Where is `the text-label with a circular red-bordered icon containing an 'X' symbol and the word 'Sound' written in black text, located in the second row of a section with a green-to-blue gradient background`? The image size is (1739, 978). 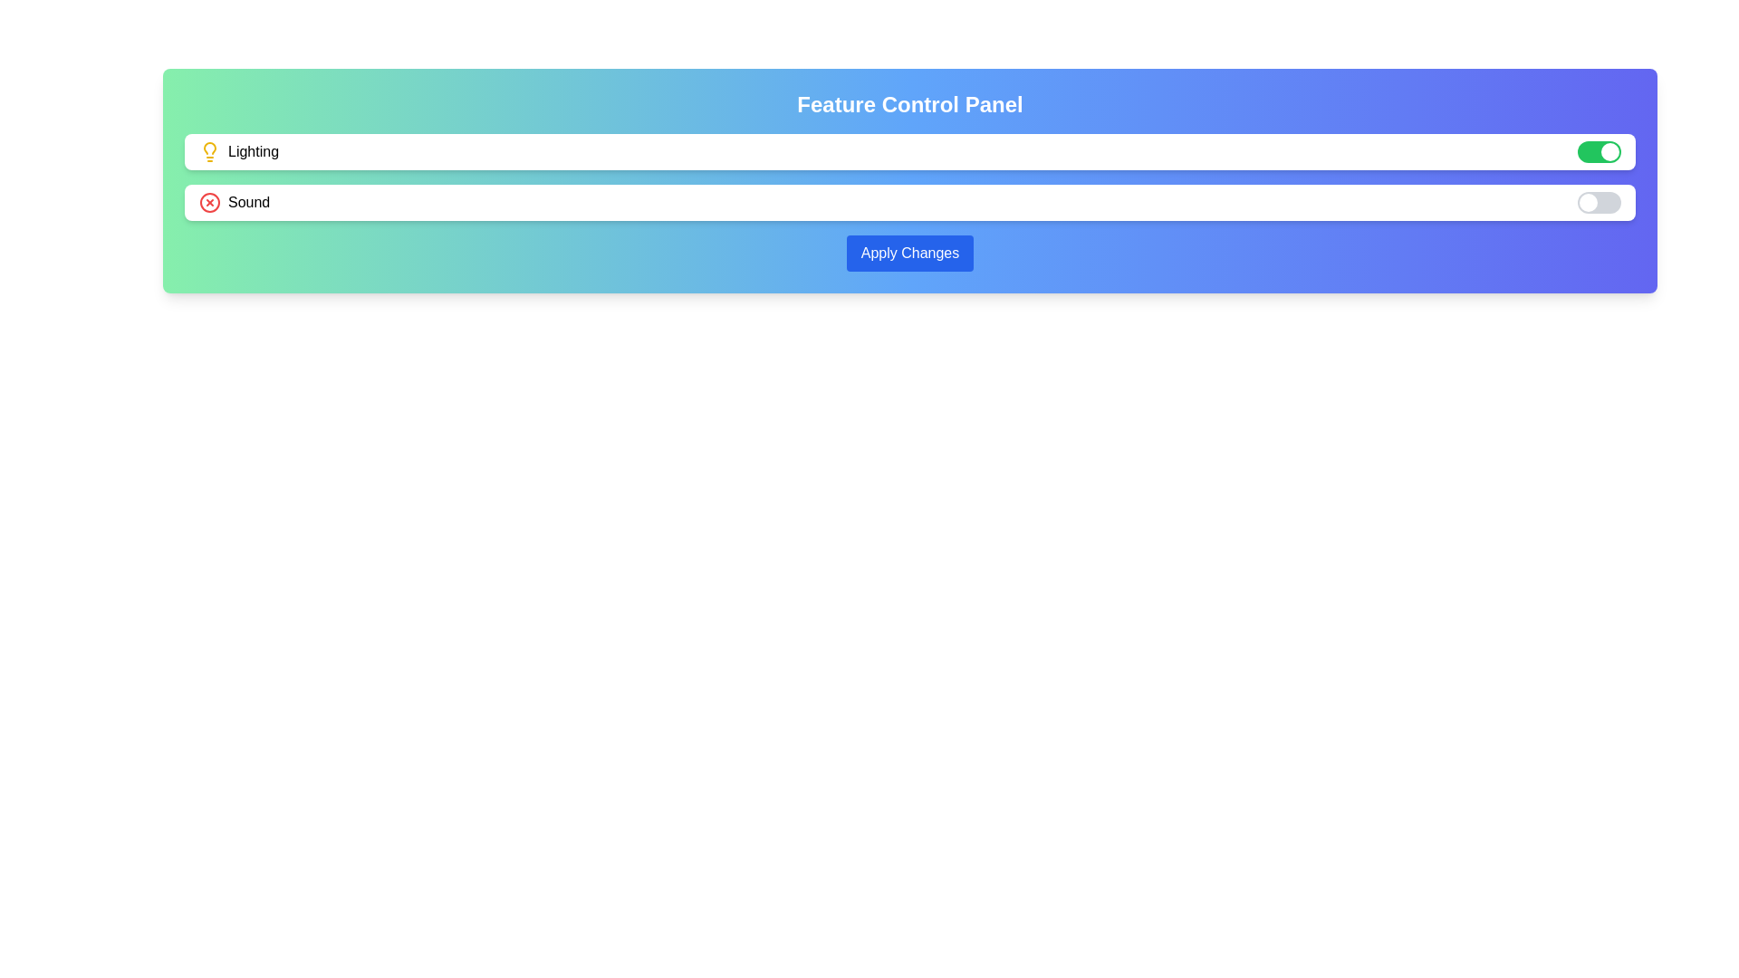
the text-label with a circular red-bordered icon containing an 'X' symbol and the word 'Sound' written in black text, located in the second row of a section with a green-to-blue gradient background is located at coordinates (234, 202).